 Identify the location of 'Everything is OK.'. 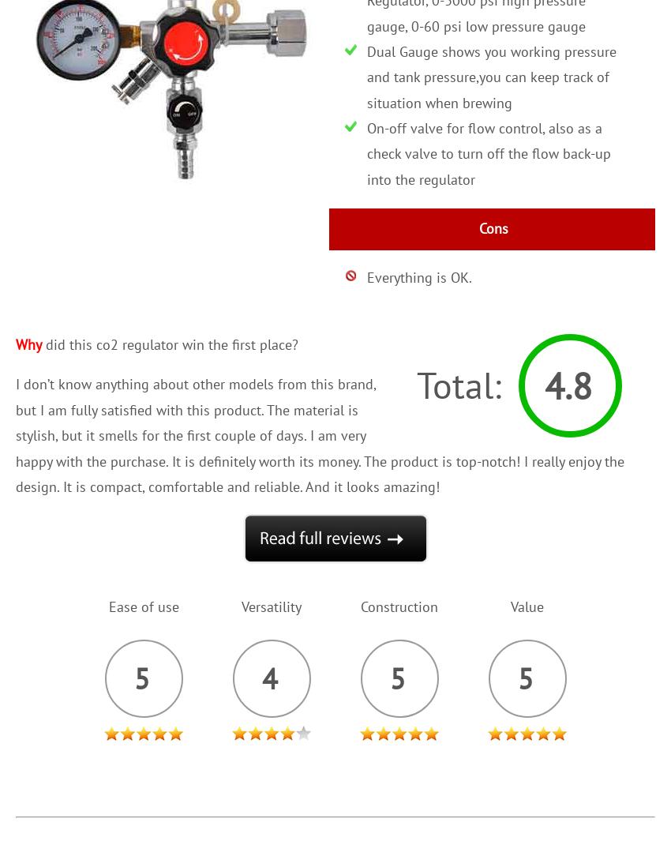
(365, 276).